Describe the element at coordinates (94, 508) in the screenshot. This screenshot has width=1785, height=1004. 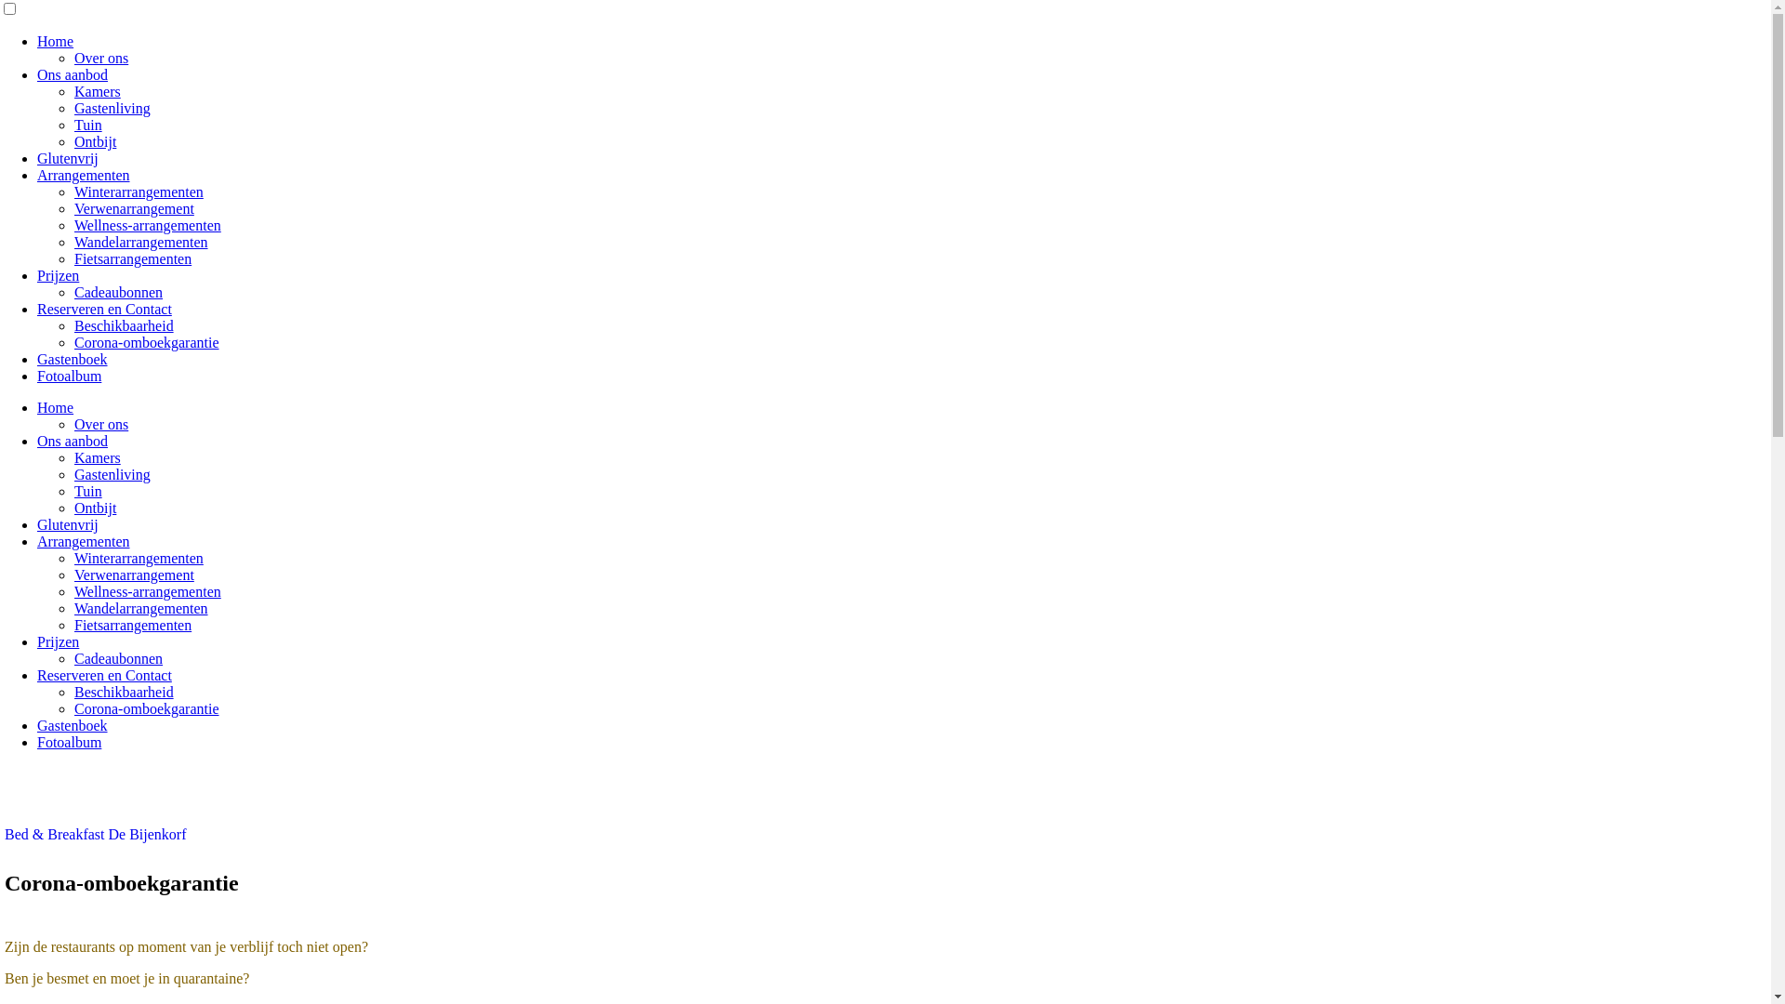
I see `'Ontbijt'` at that location.